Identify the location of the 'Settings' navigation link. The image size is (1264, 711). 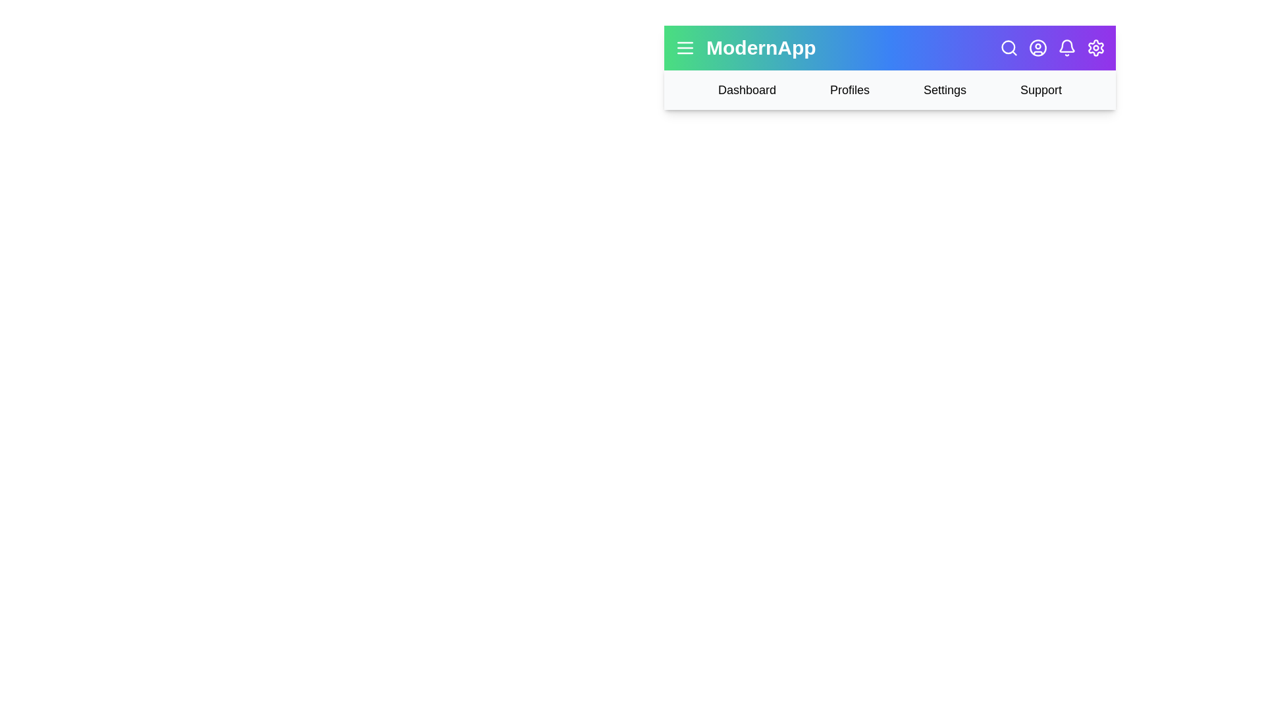
(944, 90).